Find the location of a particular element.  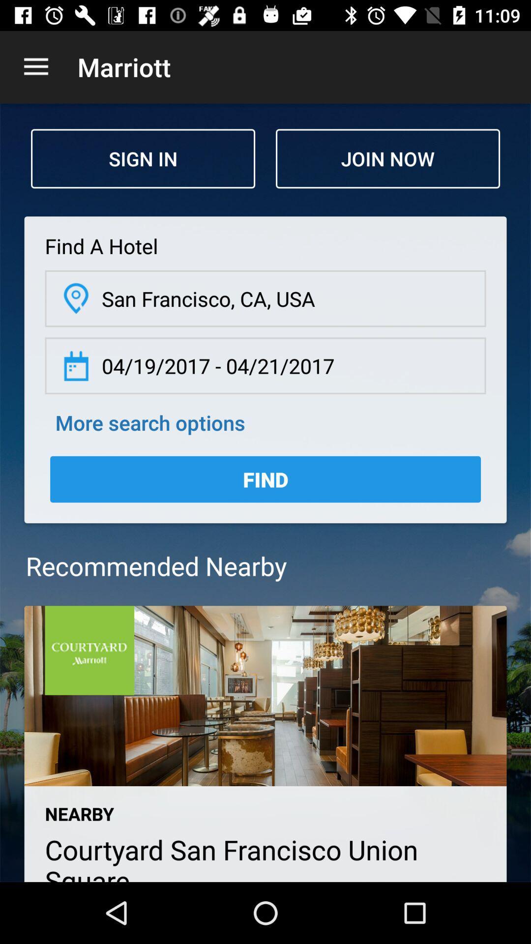

icon next to sign in icon is located at coordinates (387, 158).